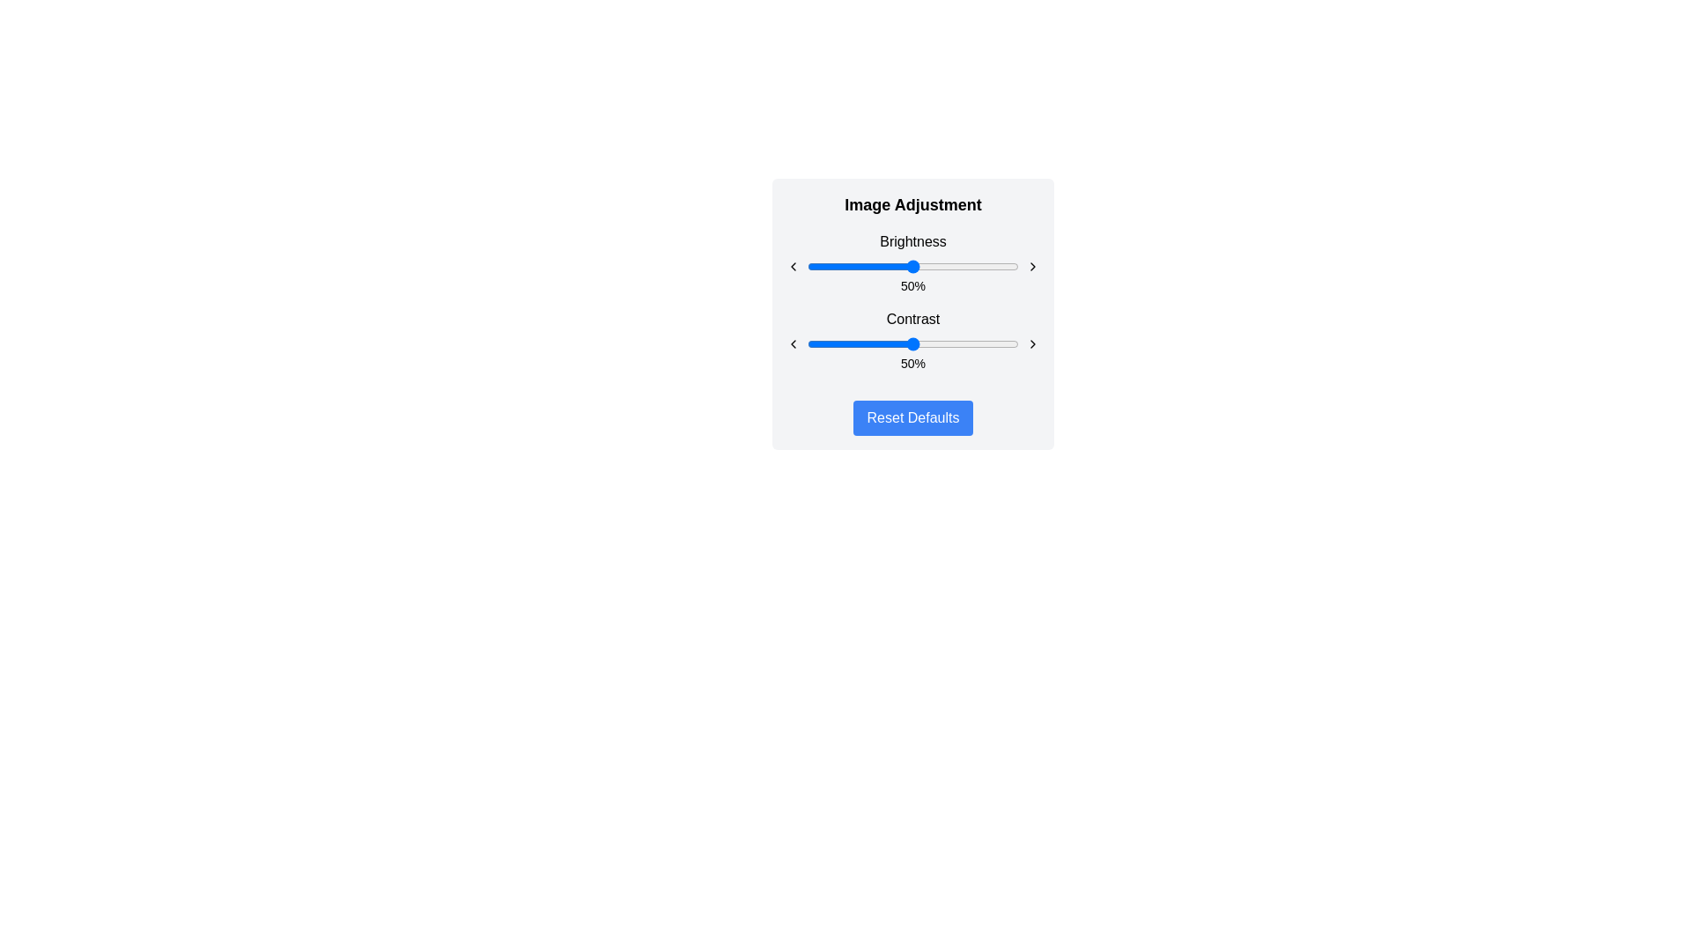 This screenshot has height=951, width=1691. Describe the element at coordinates (963, 343) in the screenshot. I see `contrast` at that location.